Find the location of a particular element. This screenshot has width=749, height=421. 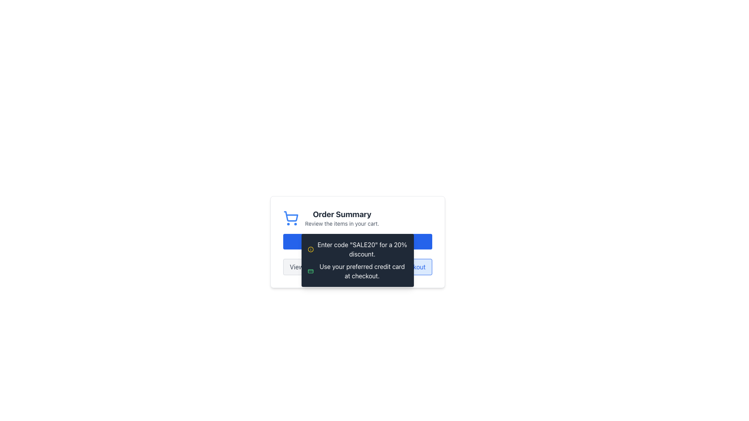

the circular graphical component with a yellow outline that represents an information symbol, located at the center of the tooltip explaining a discount code is located at coordinates (310, 249).